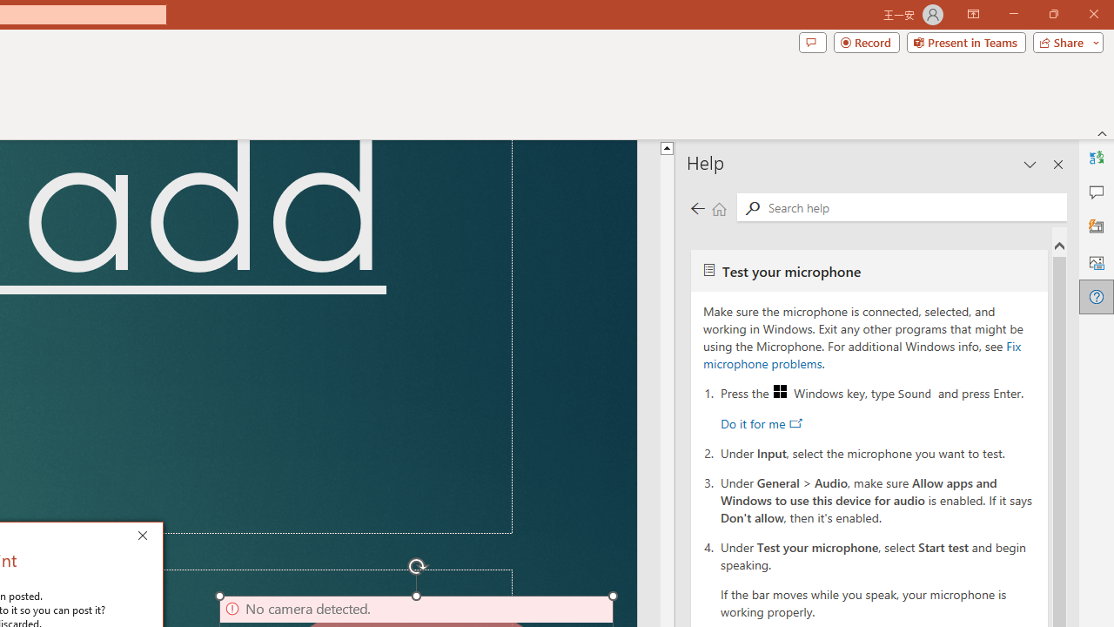 This screenshot has width=1114, height=627. Describe the element at coordinates (761, 423) in the screenshot. I see `'Do it for me'` at that location.